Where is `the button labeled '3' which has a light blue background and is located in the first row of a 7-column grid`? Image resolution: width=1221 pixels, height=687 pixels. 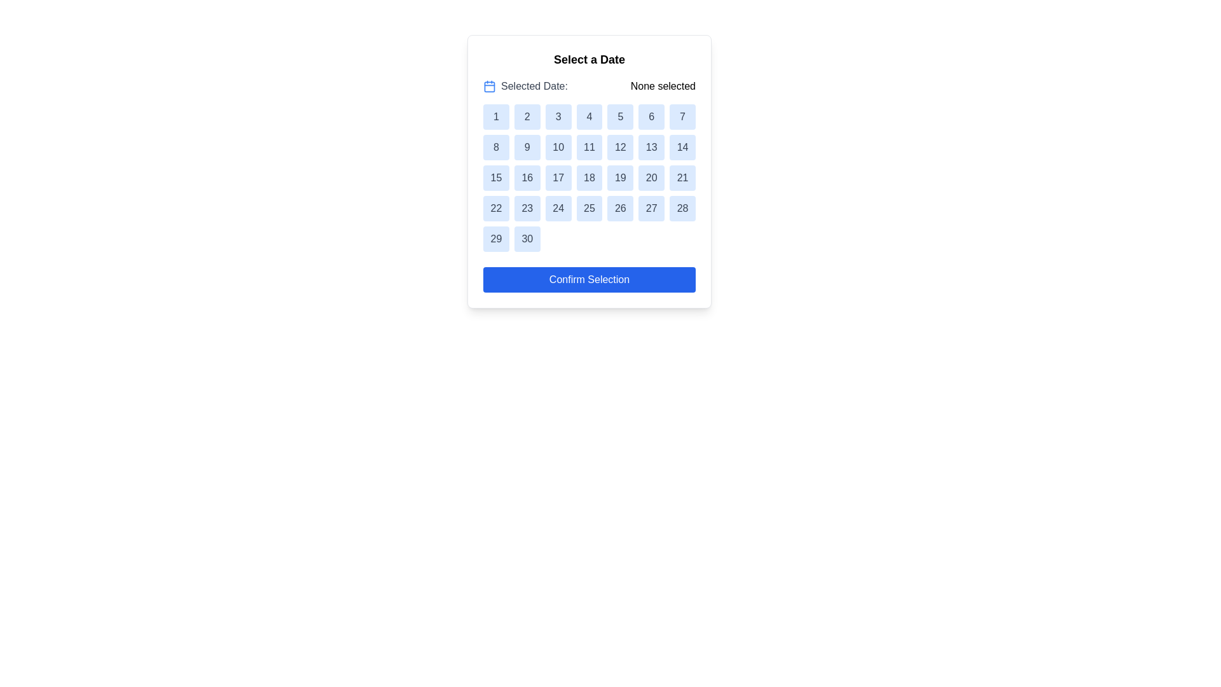 the button labeled '3' which has a light blue background and is located in the first row of a 7-column grid is located at coordinates (558, 117).